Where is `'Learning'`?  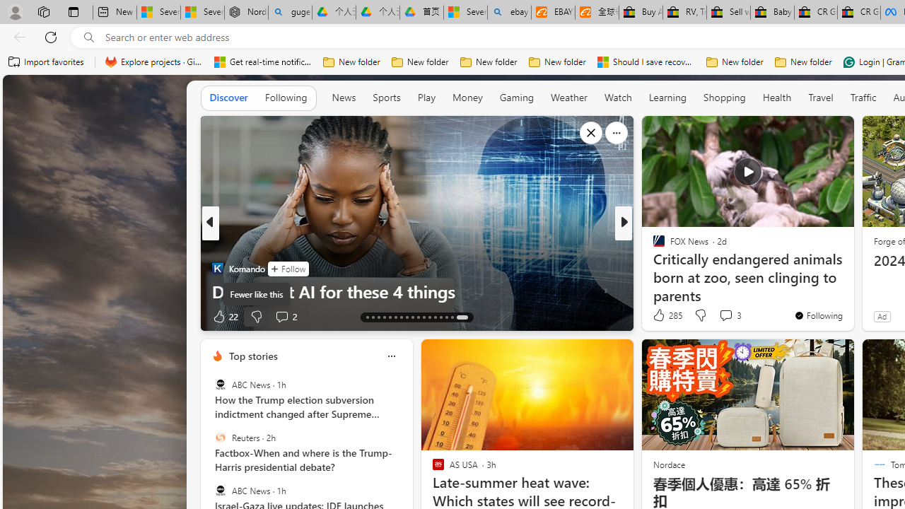 'Learning' is located at coordinates (667, 97).